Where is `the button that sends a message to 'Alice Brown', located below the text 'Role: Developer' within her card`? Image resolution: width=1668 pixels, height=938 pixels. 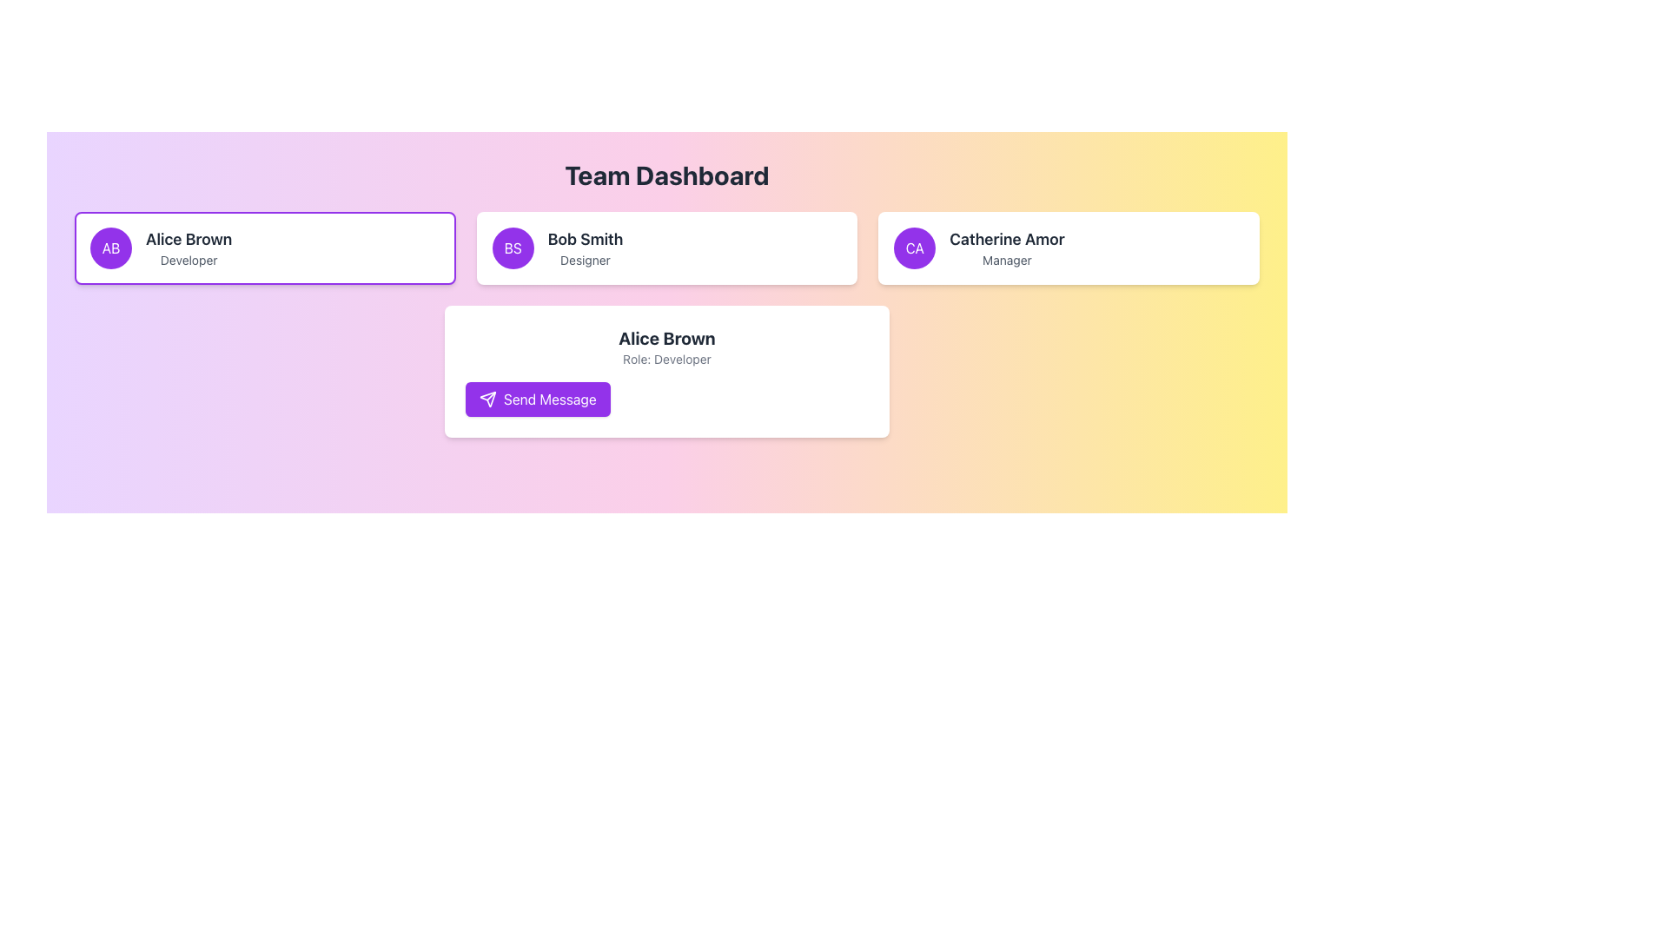
the button that sends a message to 'Alice Brown', located below the text 'Role: Developer' within her card is located at coordinates (537, 399).